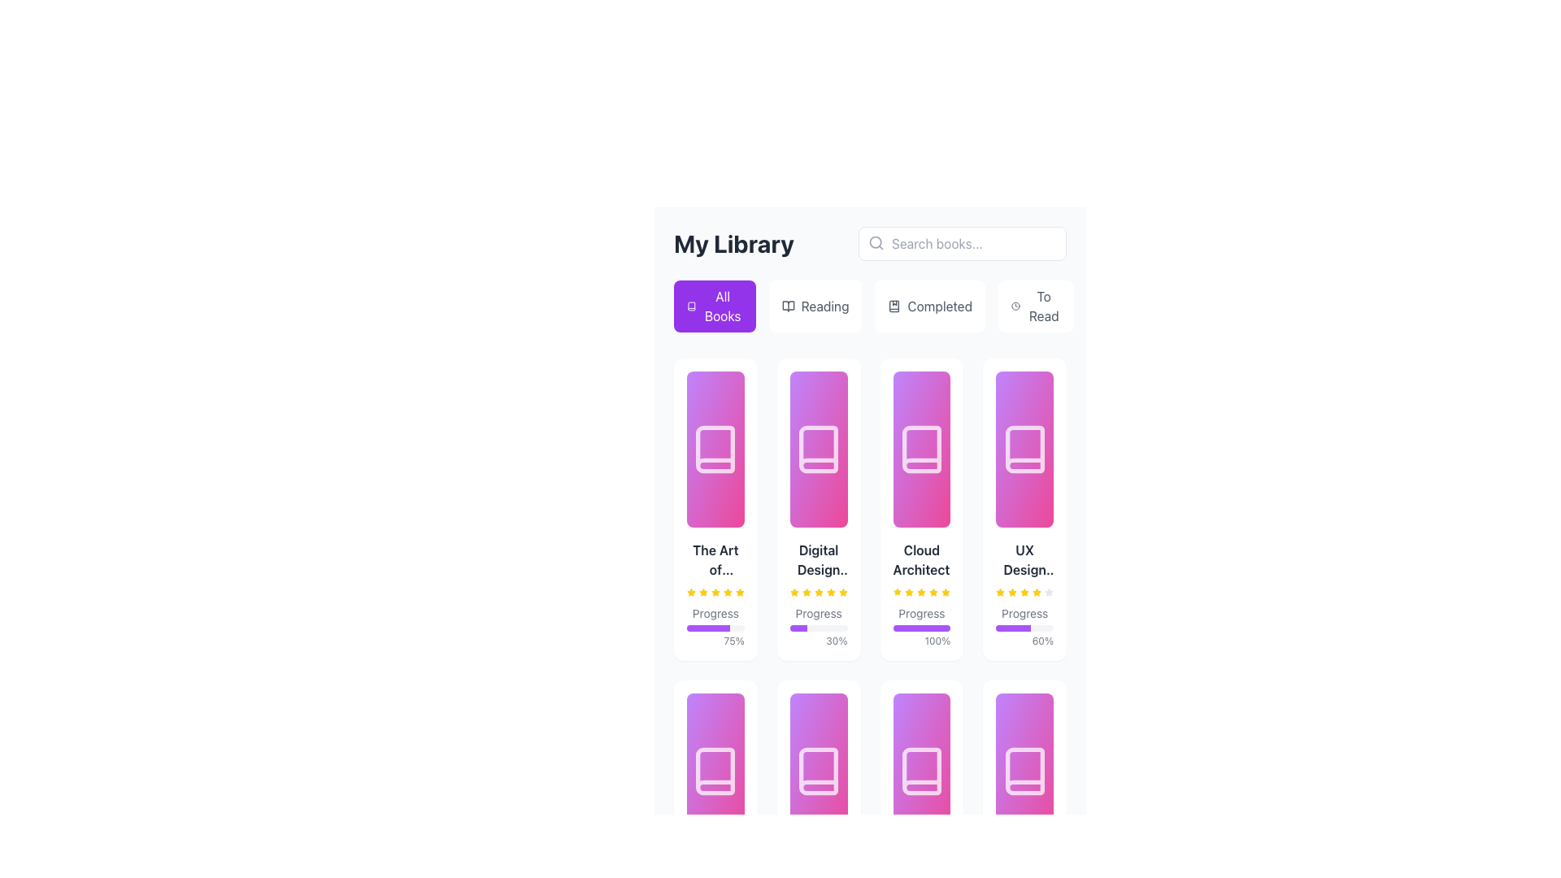 The image size is (1561, 878). What do you see at coordinates (715, 593) in the screenshot?
I see `the Rating display component located within the card for 'The Art of Programming', which is centered horizontally below the title text and above the progress text` at bounding box center [715, 593].